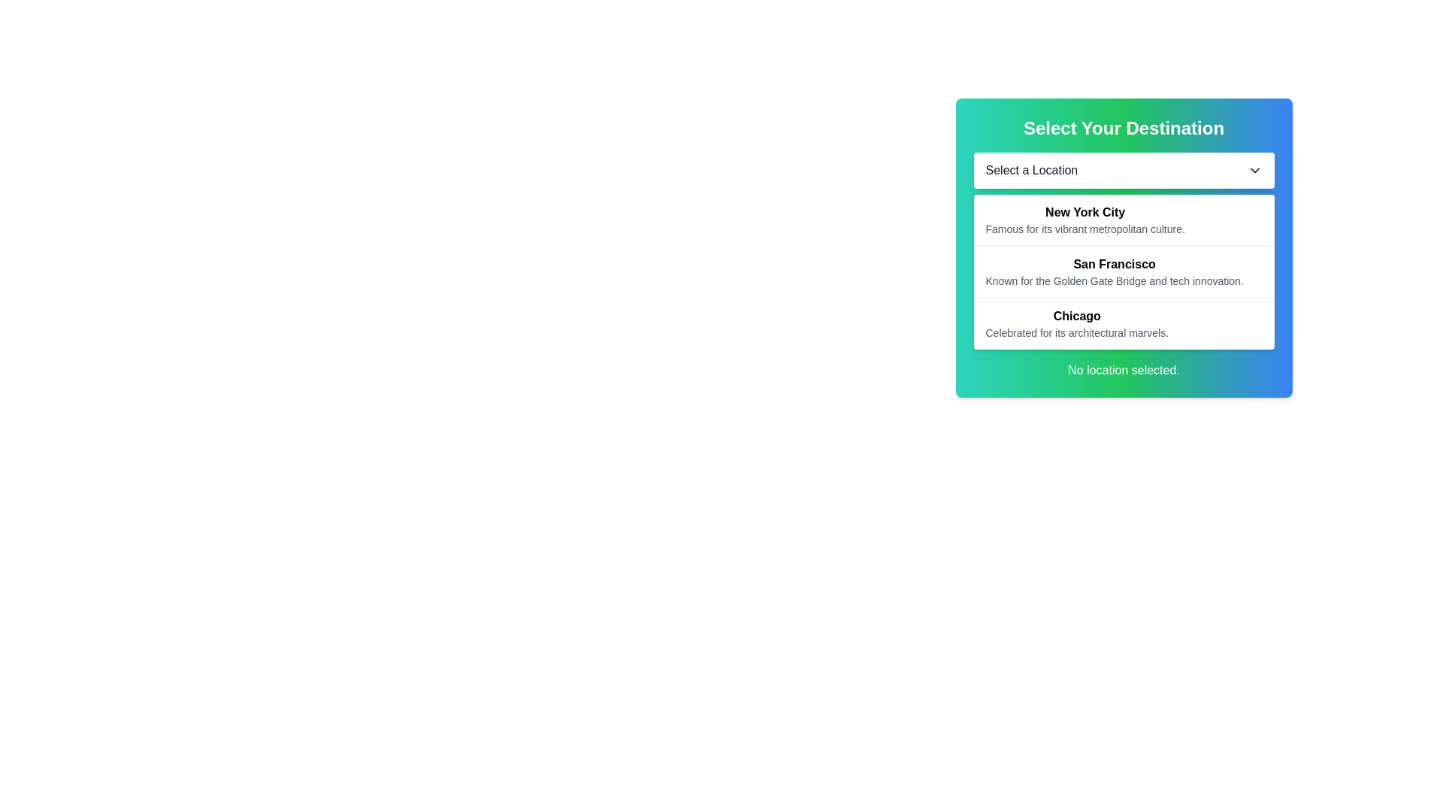 The height and width of the screenshot is (812, 1443). What do you see at coordinates (1124, 247) in the screenshot?
I see `the second item in the dropdown list under 'Select Your Destination'` at bounding box center [1124, 247].